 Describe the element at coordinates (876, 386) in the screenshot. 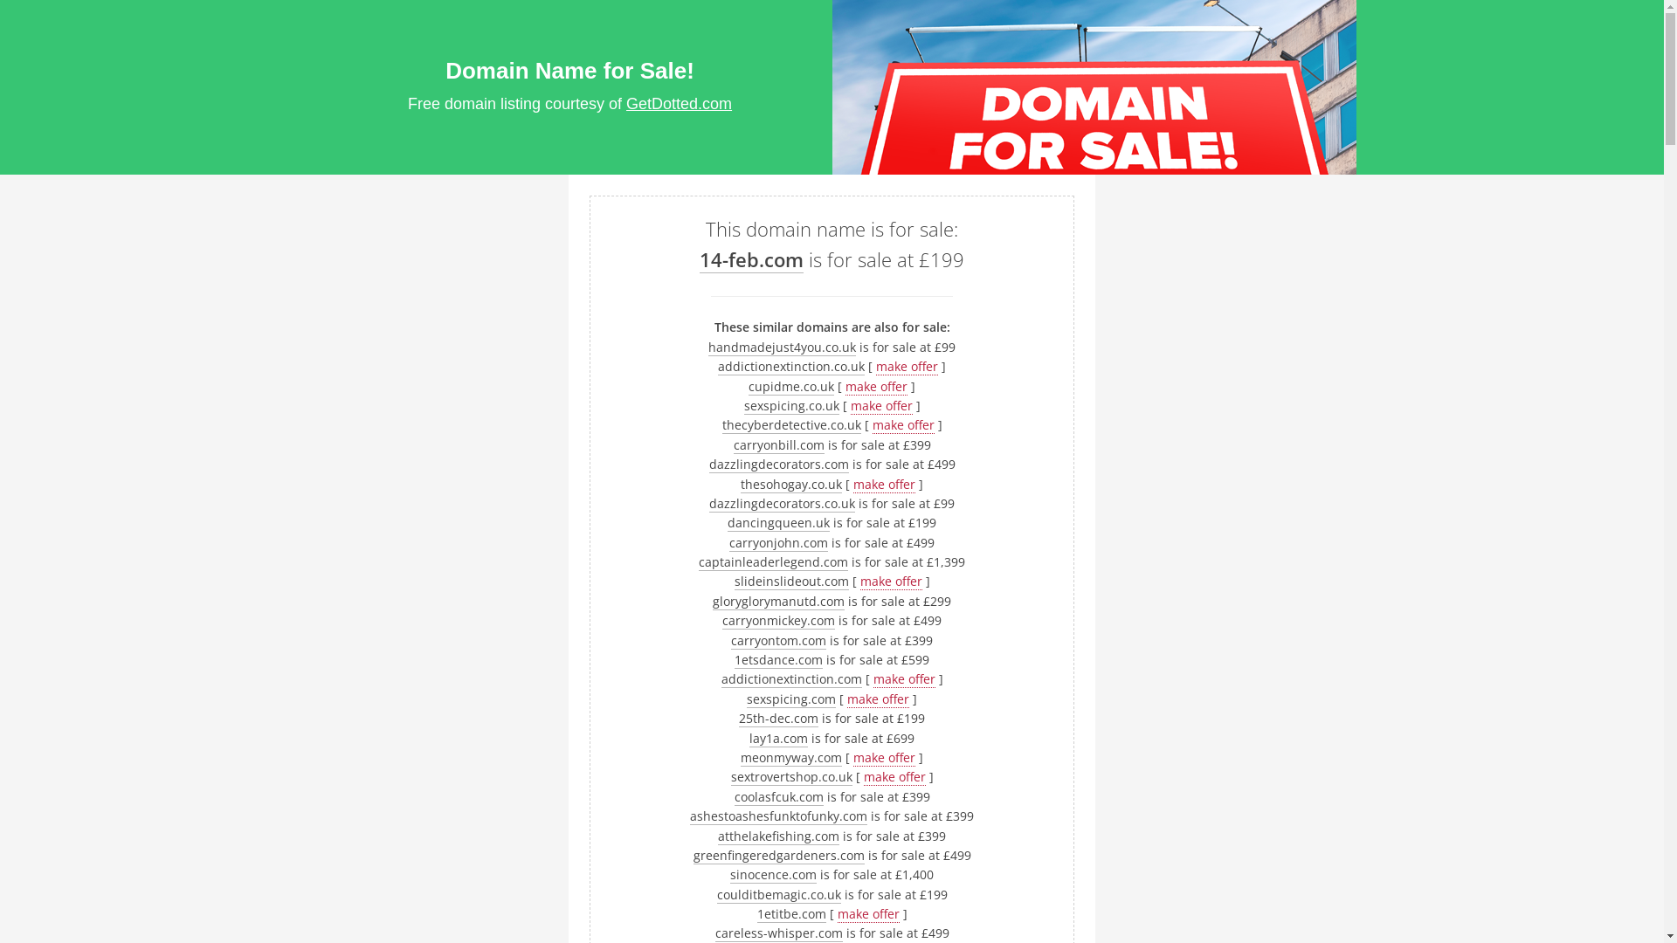

I see `'make offer'` at that location.